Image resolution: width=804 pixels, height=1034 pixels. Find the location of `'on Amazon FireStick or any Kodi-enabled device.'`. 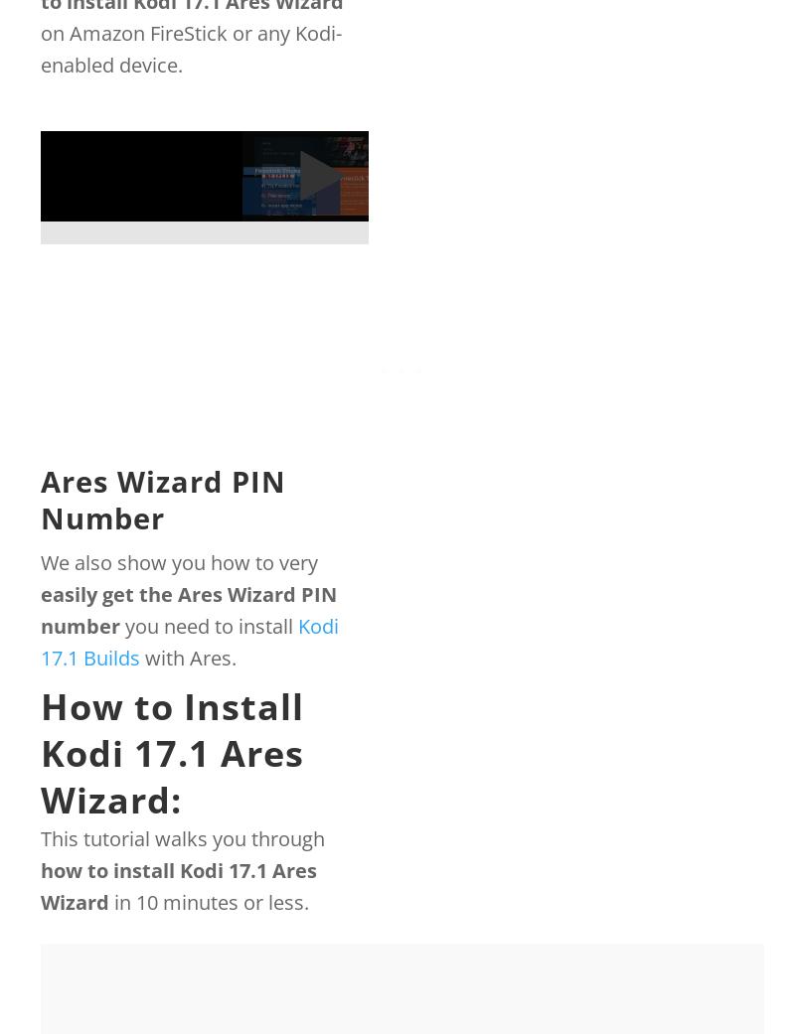

'on Amazon FireStick or any Kodi-enabled device.' is located at coordinates (190, 47).